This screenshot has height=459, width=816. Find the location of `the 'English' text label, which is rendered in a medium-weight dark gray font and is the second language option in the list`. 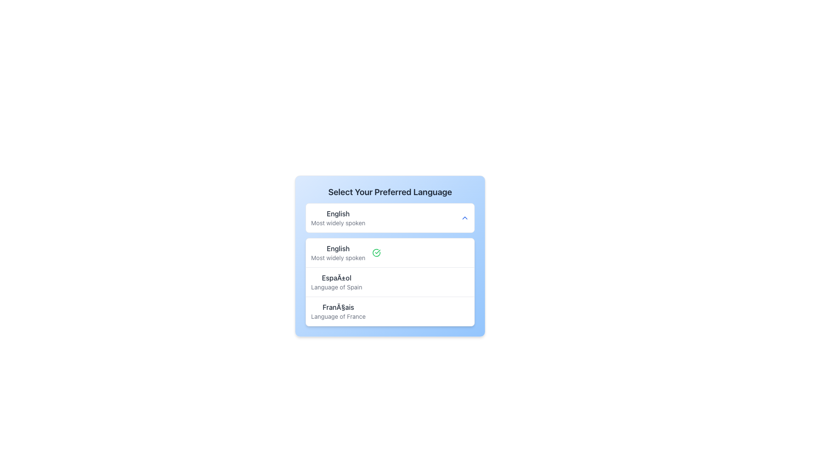

the 'English' text label, which is rendered in a medium-weight dark gray font and is the second language option in the list is located at coordinates (337, 249).